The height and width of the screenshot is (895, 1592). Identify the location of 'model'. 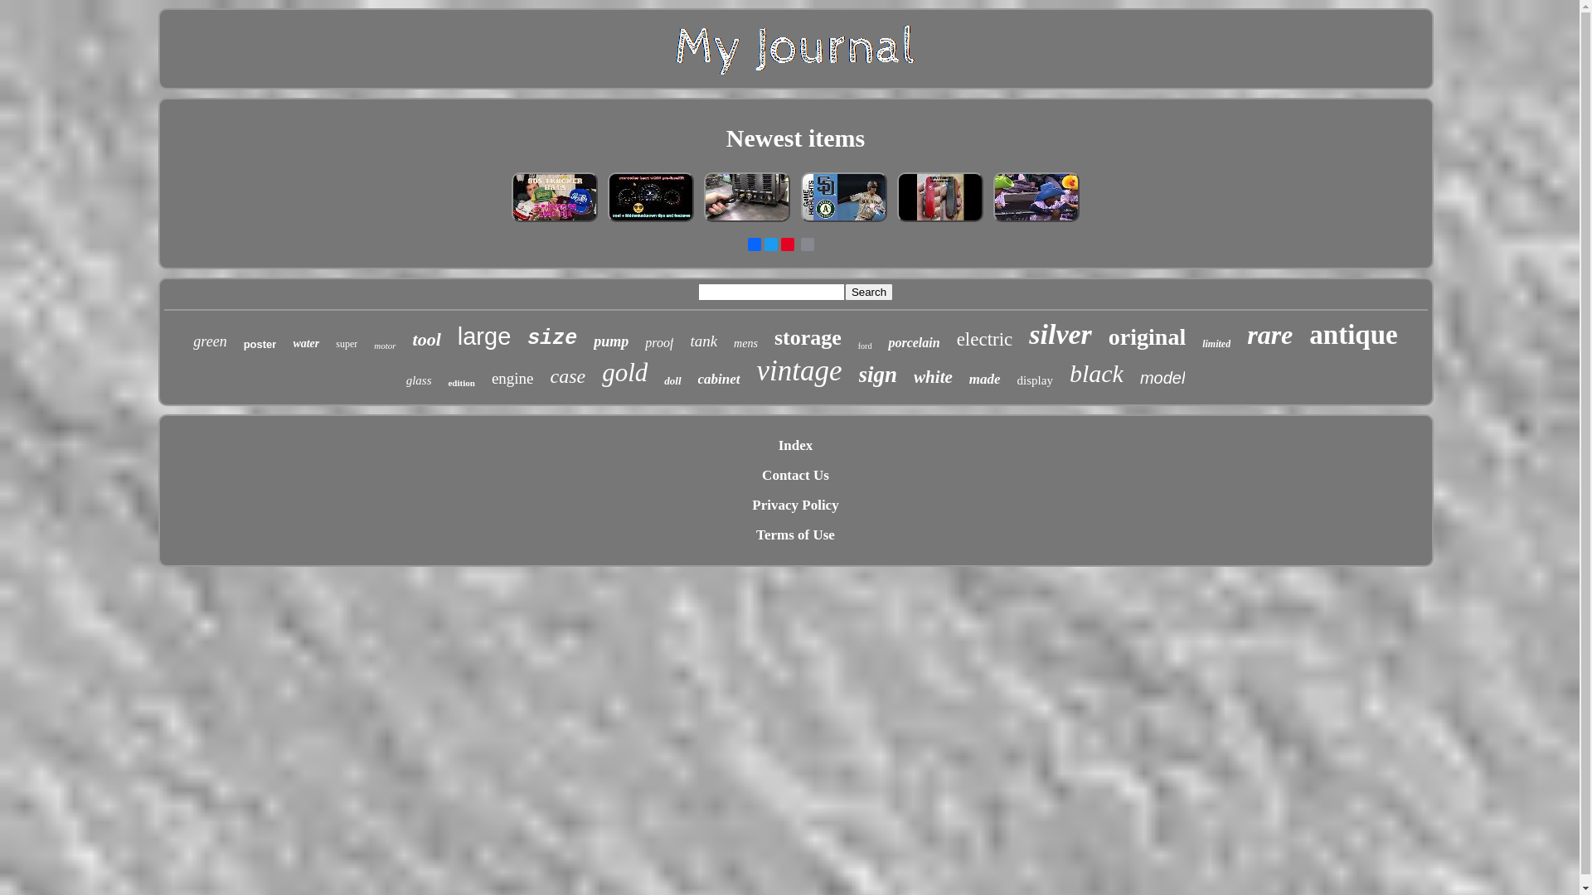
(1161, 378).